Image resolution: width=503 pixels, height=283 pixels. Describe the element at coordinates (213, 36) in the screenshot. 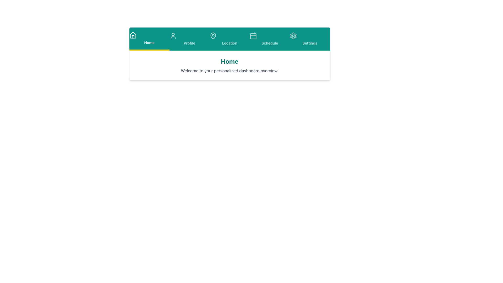

I see `the representation of the outer part of the location pin icon in the navigation bar, which is the third icon from the left, positioned between the profile and calendar icons` at that location.